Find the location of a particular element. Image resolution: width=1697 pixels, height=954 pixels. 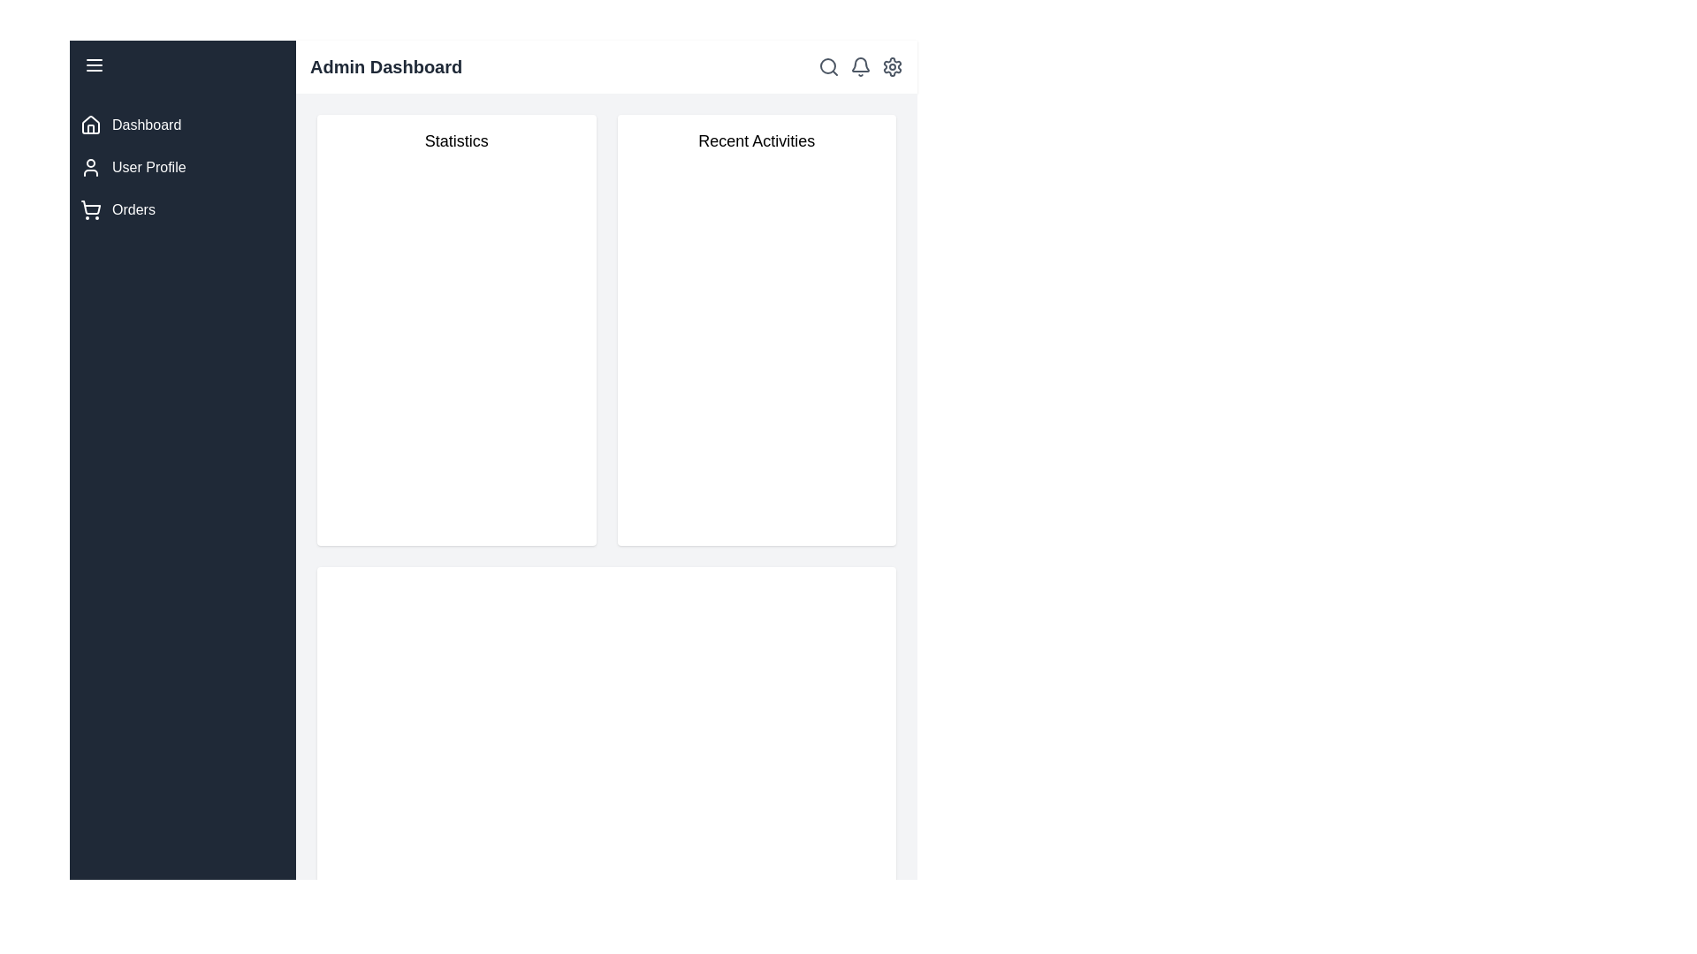

the gray bell icon located in the header bar, which is the middle icon in a row of three is located at coordinates (861, 66).